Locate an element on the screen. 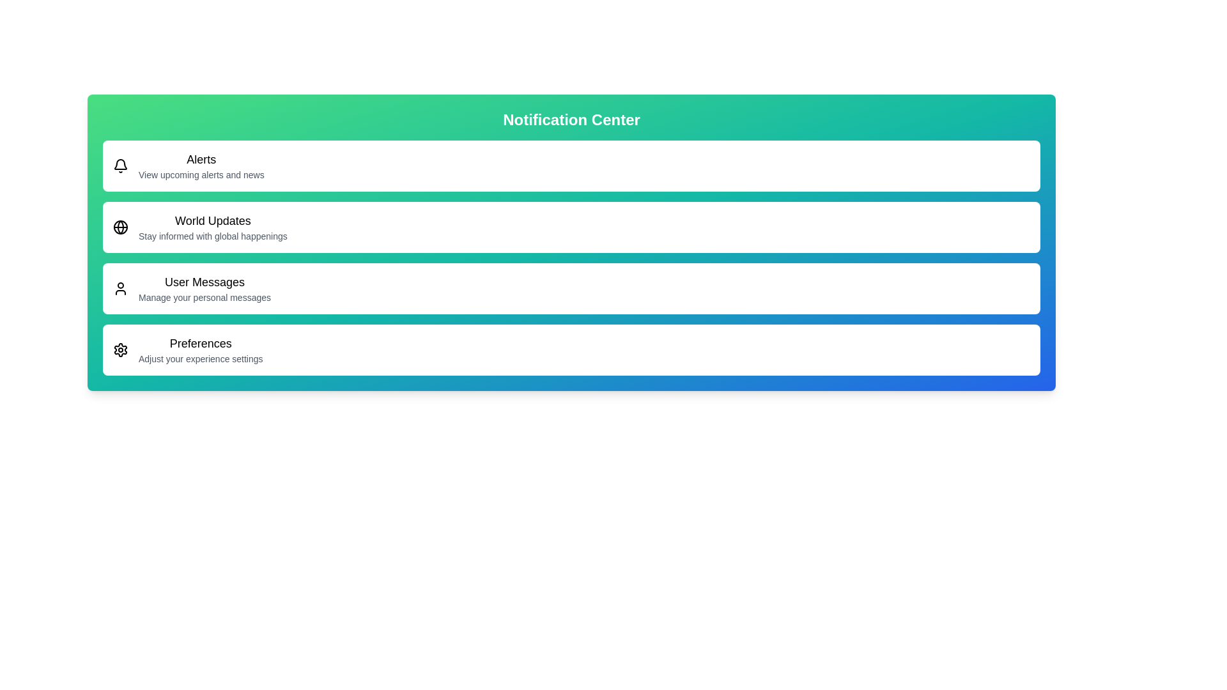 Image resolution: width=1227 pixels, height=690 pixels. the menu item corresponding to Alerts to examine its iconography is located at coordinates (120, 165).